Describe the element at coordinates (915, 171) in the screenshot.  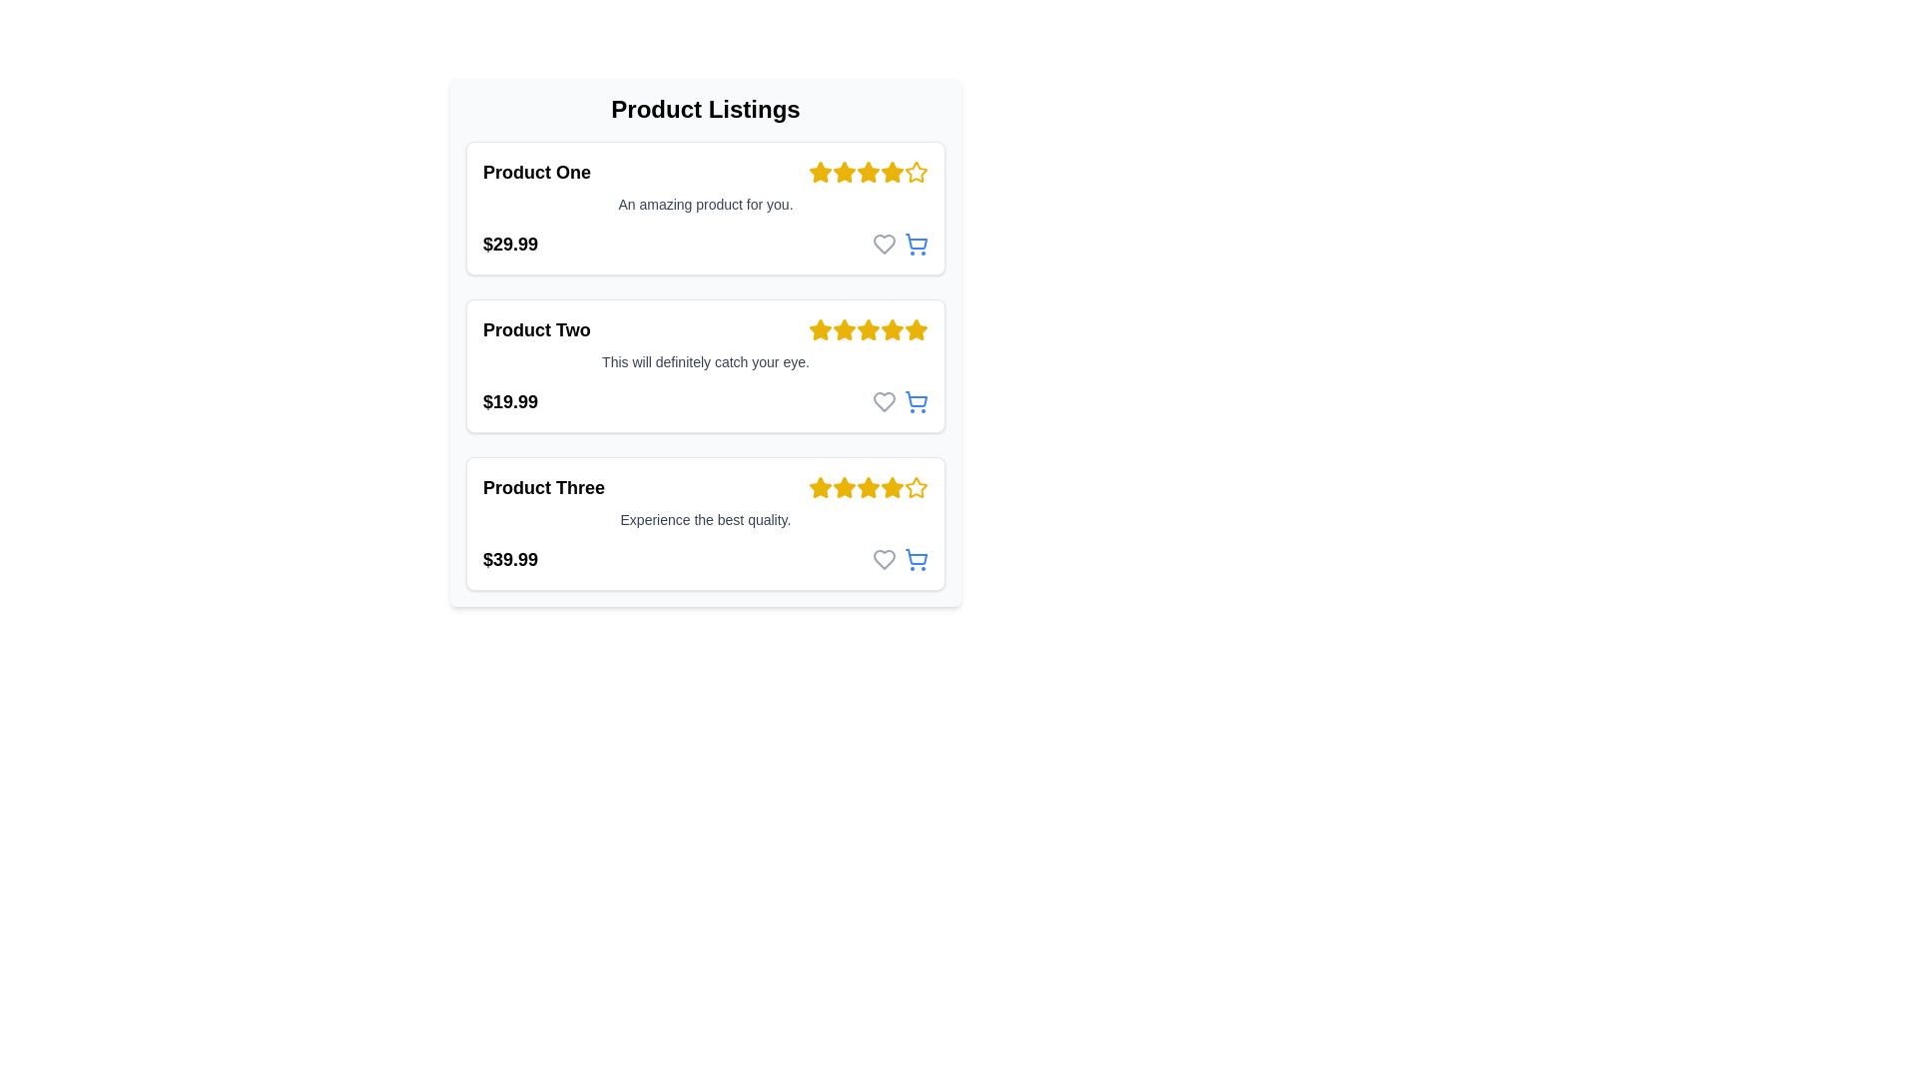
I see `the fifth rating star icon for 'Product One' in the 'Product Listings' panel` at that location.